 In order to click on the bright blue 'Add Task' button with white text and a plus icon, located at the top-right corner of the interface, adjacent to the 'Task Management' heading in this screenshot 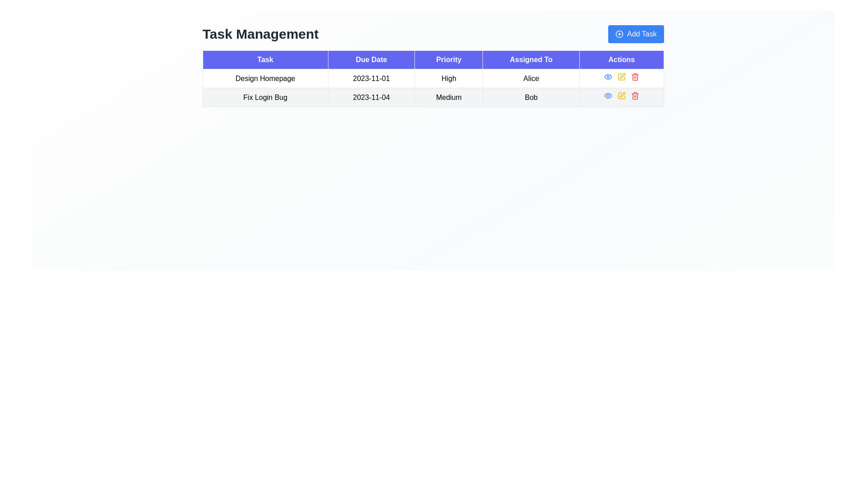, I will do `click(635, 34)`.